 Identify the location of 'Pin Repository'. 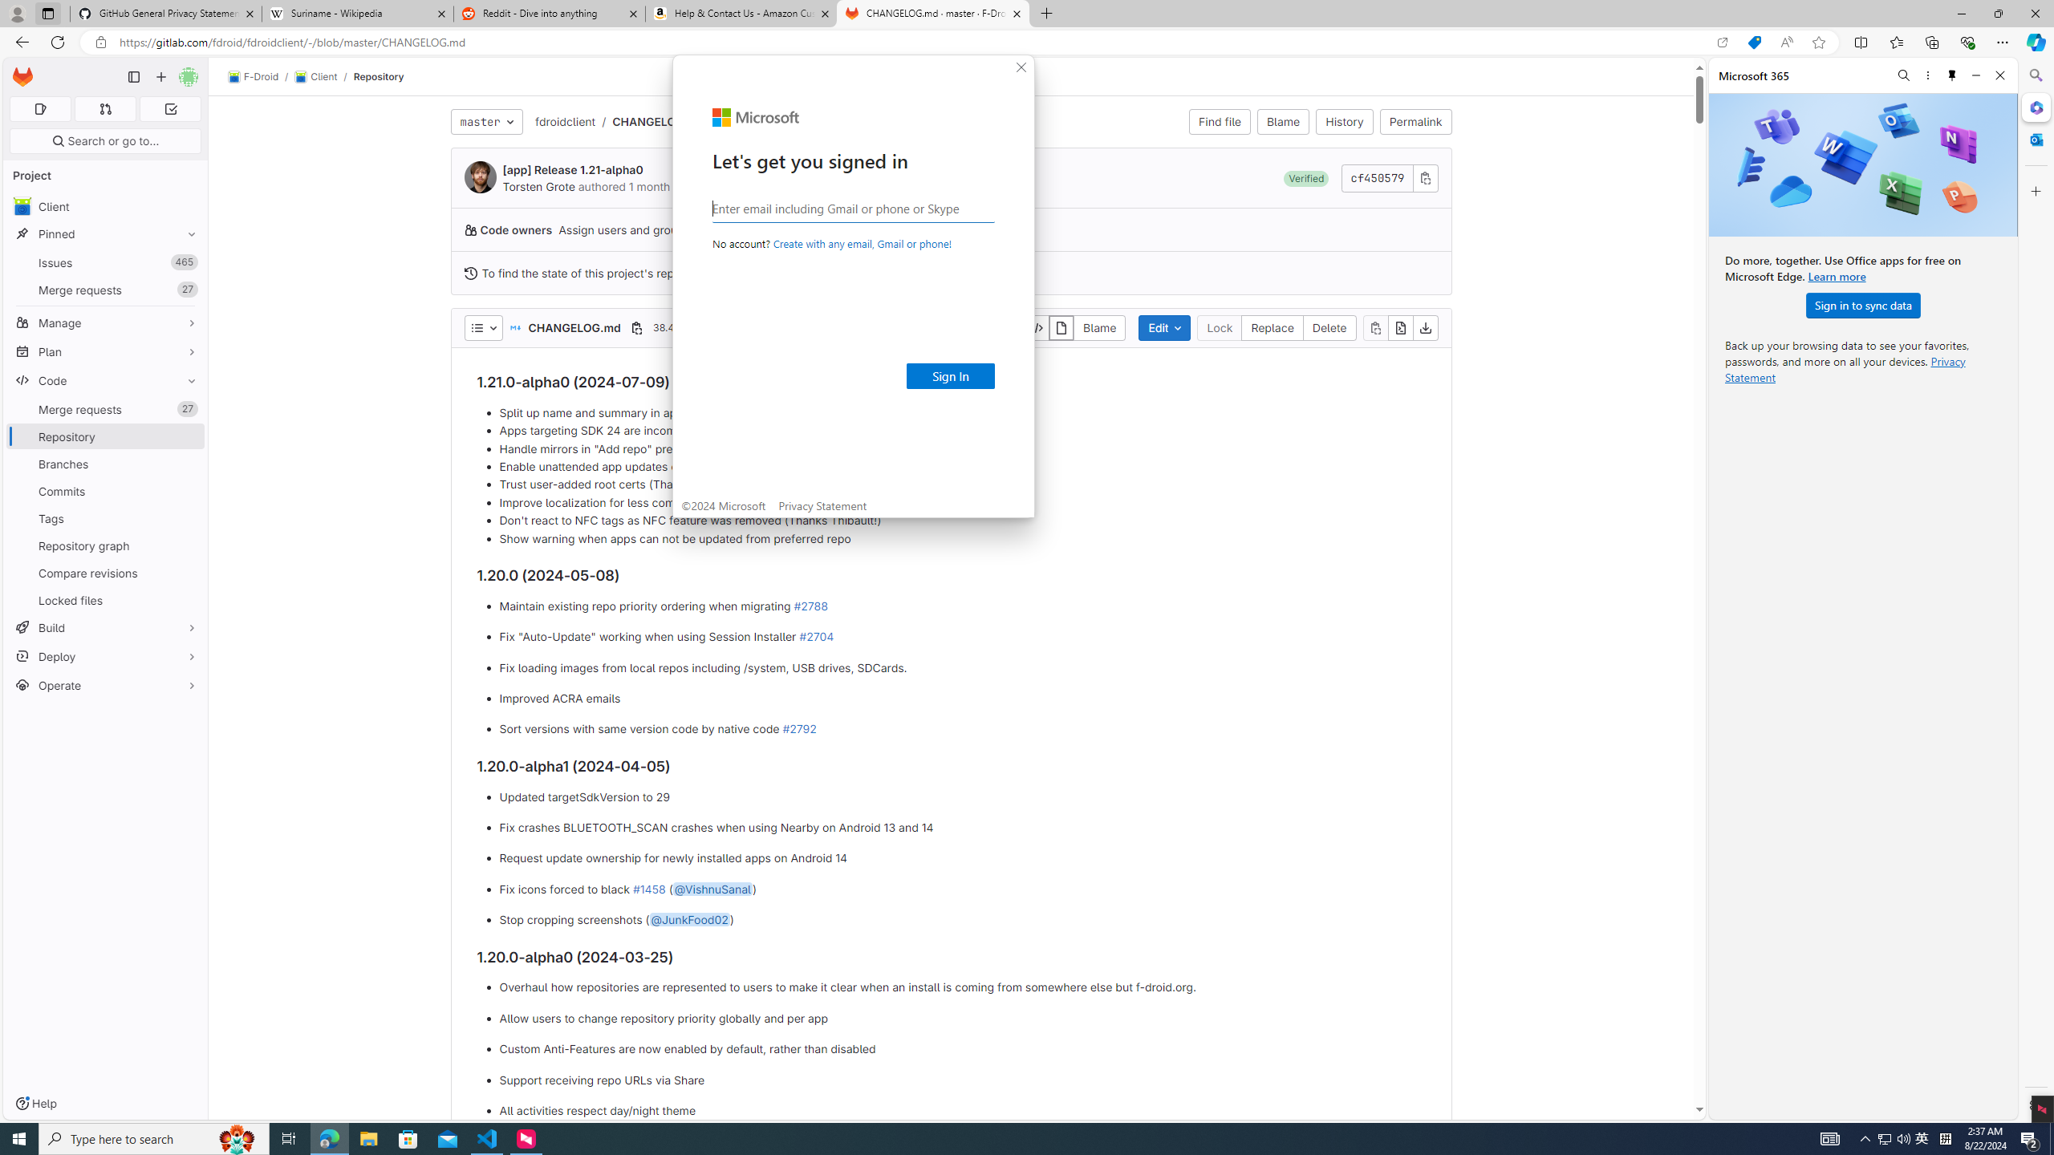
(187, 436).